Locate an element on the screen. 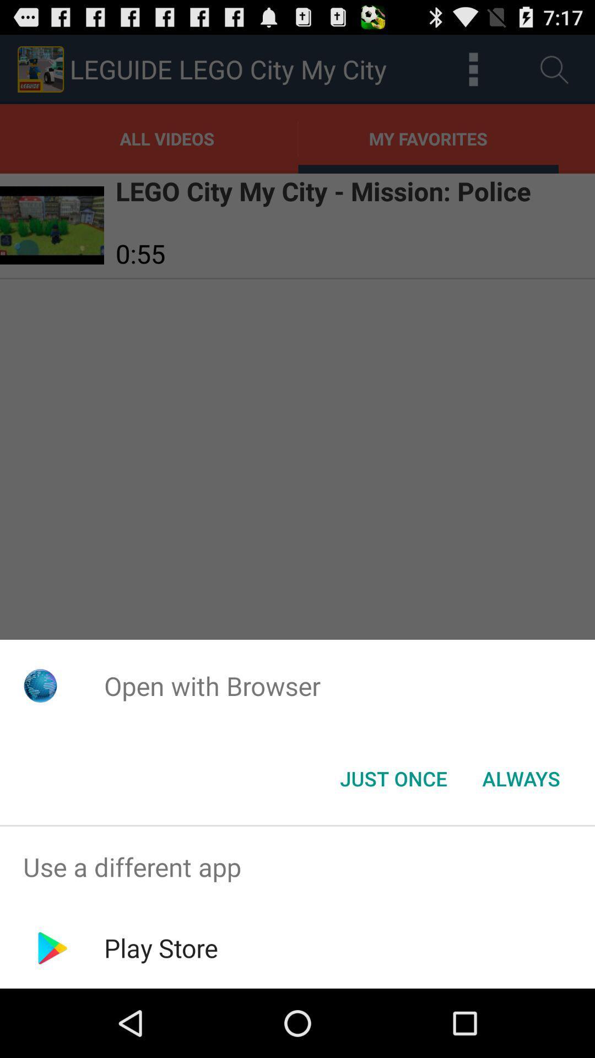 The height and width of the screenshot is (1058, 595). the item above play store icon is located at coordinates (297, 866).